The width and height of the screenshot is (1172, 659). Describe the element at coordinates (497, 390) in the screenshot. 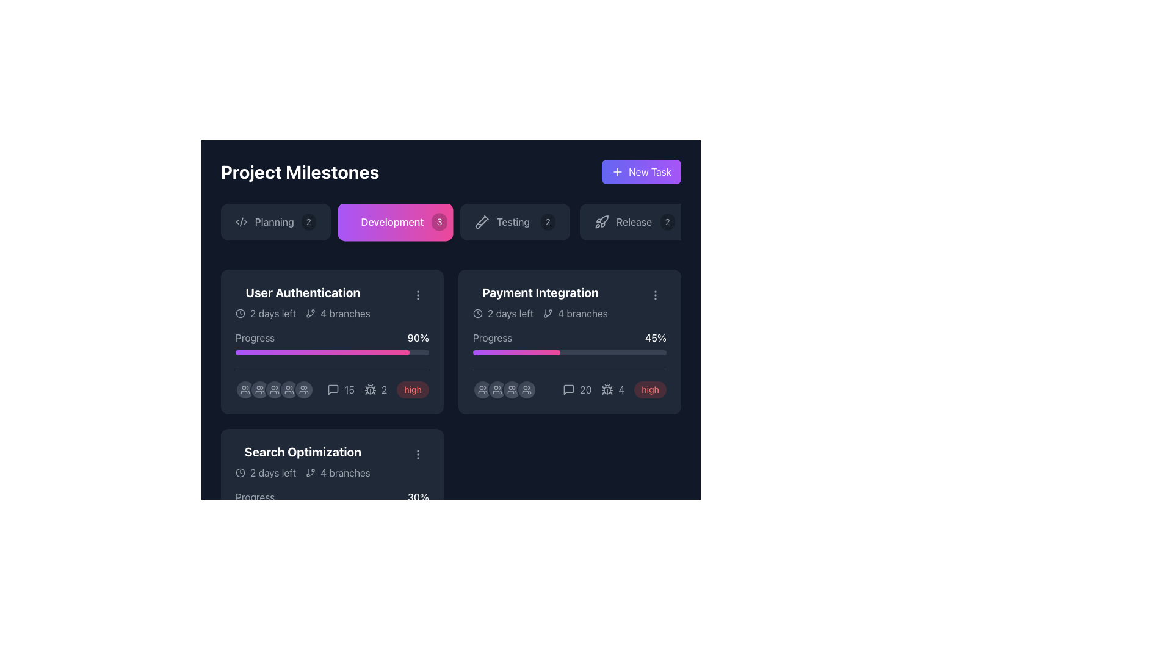

I see `the circular icon representing a group of users, located in the bottom-left corner of the 'Payment Integration' card` at that location.